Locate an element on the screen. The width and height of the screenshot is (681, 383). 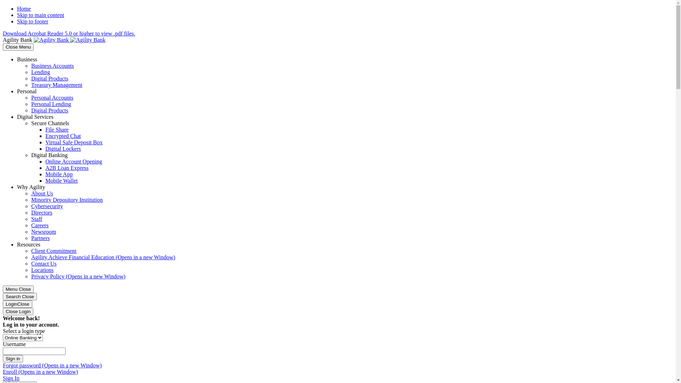
'A2B Loan Express' is located at coordinates (45, 168).